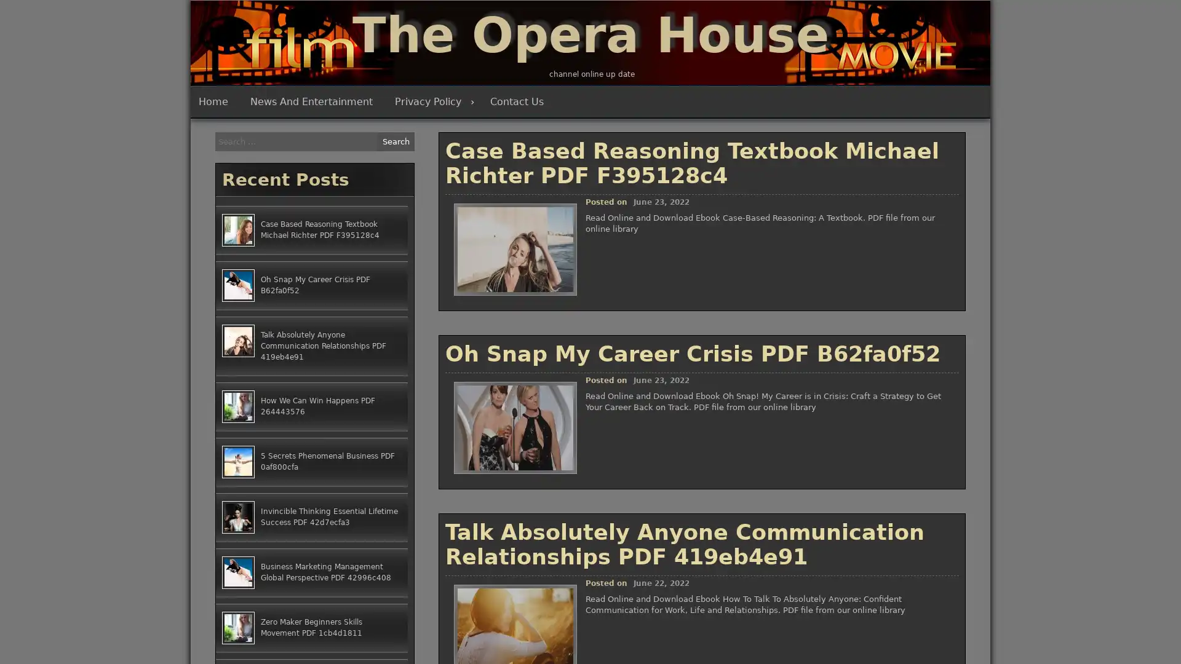 The width and height of the screenshot is (1181, 664). What do you see at coordinates (396, 141) in the screenshot?
I see `Search` at bounding box center [396, 141].